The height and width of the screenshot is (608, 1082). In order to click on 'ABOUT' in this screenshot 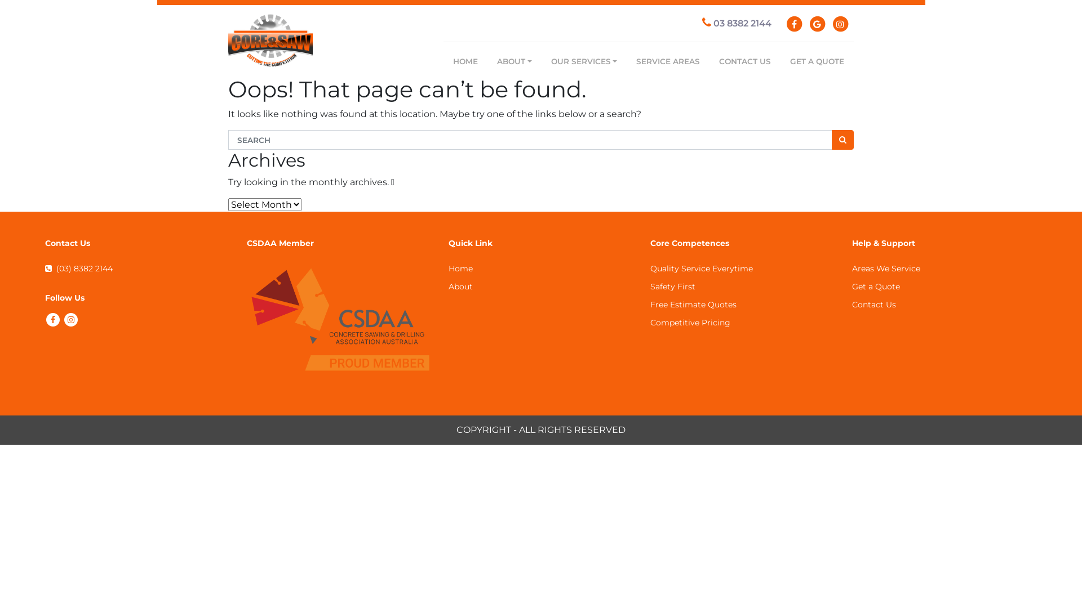, I will do `click(513, 61)`.